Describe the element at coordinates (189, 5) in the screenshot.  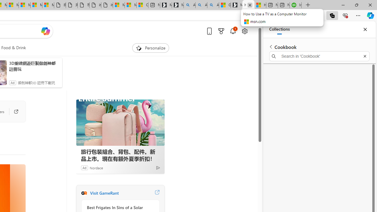
I see `'Alabama high school quarterback dies - Search'` at that location.